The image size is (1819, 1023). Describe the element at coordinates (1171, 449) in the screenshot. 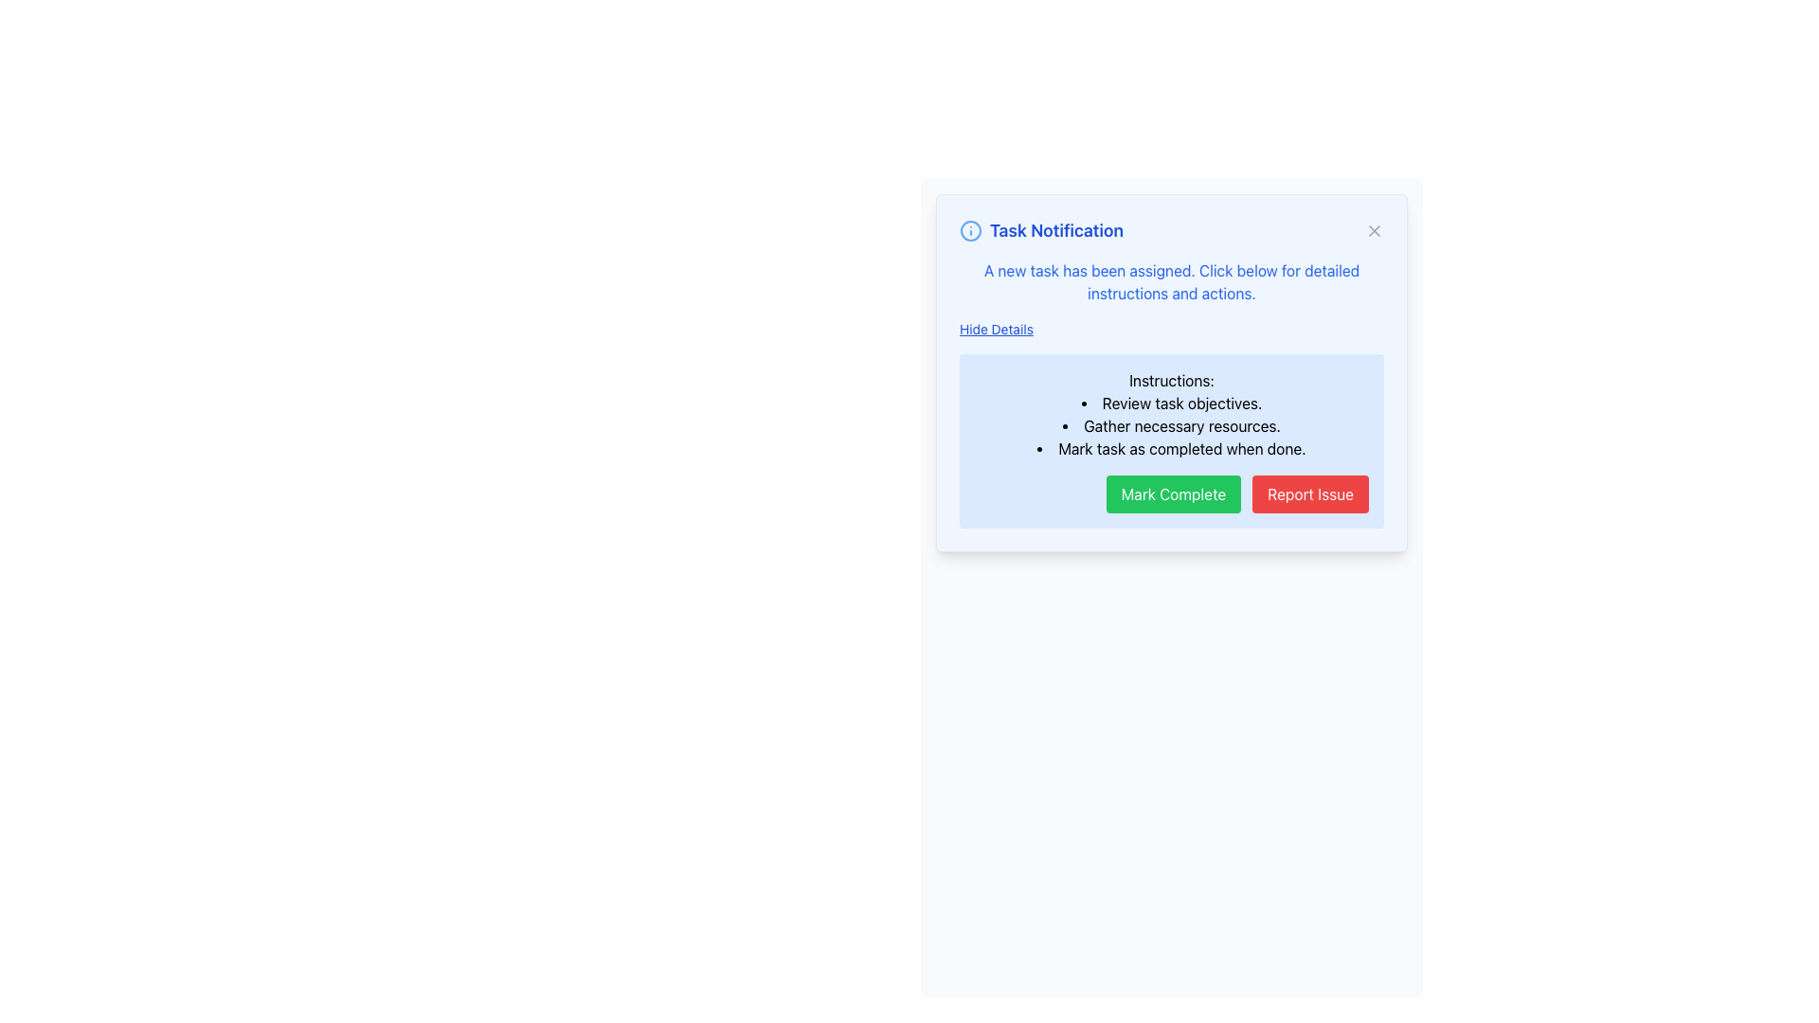

I see `the text label that reads 'Mark task as completed when done.' which is the third item in a bullet list styled with a sans-serif font on a light blue background` at that location.